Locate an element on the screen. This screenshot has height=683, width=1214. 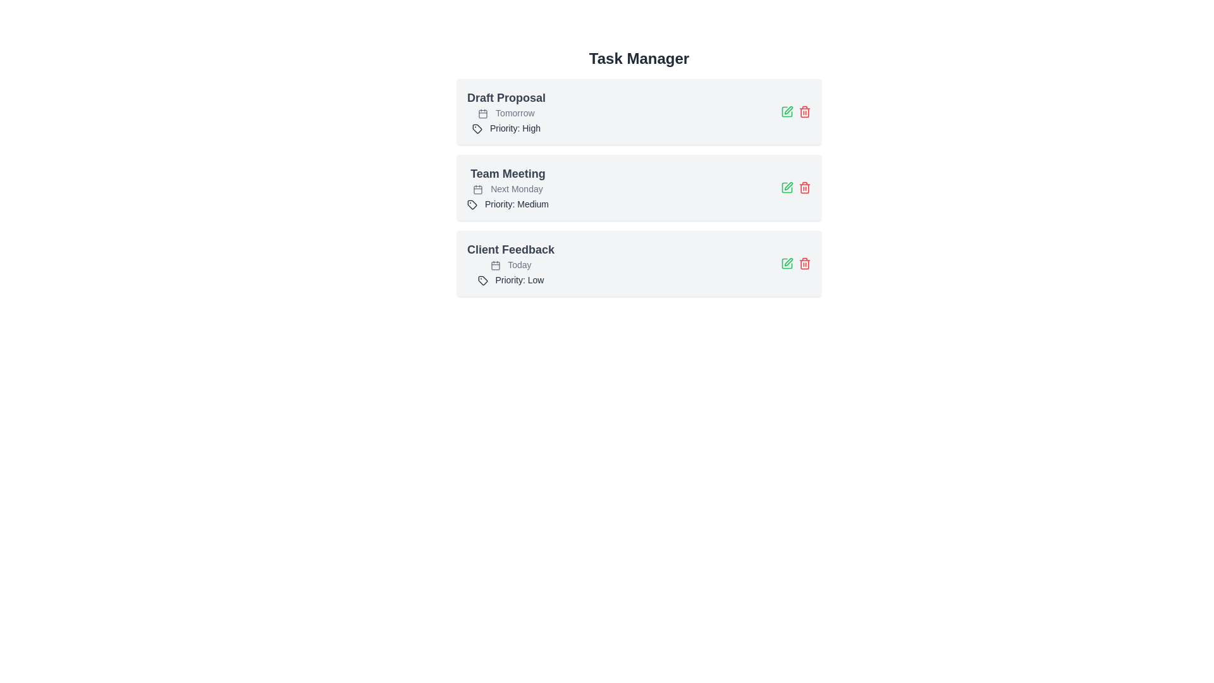
design of the icon representing the 'Today' label, located before the text within the 'Client Feedback' section is located at coordinates (494, 265).